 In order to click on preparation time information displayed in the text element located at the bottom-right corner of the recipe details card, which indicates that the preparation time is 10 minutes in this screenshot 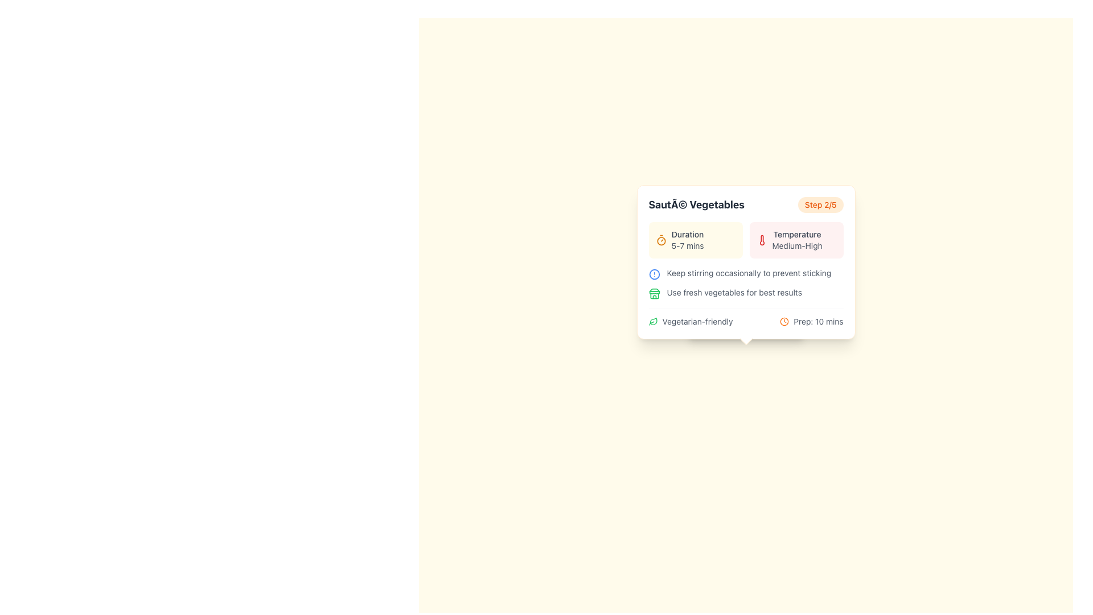, I will do `click(811, 321)`.